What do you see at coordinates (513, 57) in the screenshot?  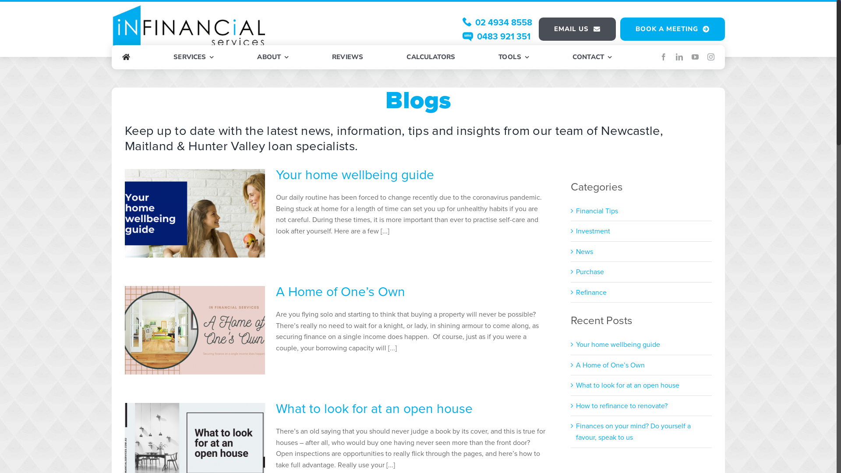 I see `'TOOLS'` at bounding box center [513, 57].